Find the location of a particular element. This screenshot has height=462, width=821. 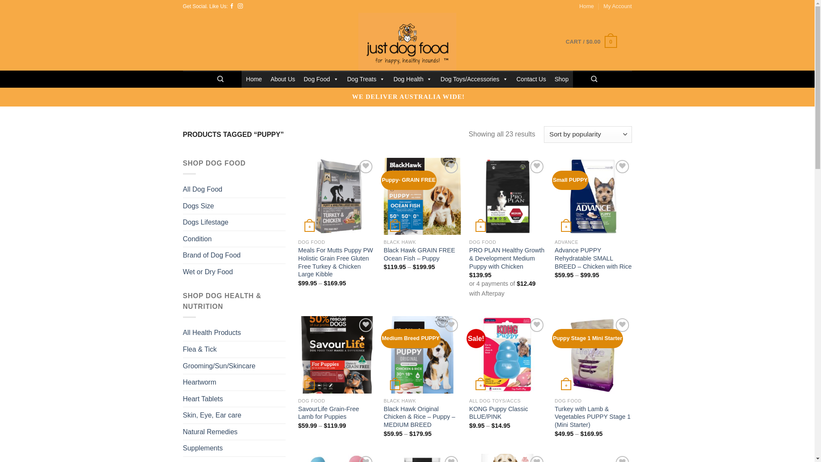

'Brand of Dog Food' is located at coordinates (212, 255).